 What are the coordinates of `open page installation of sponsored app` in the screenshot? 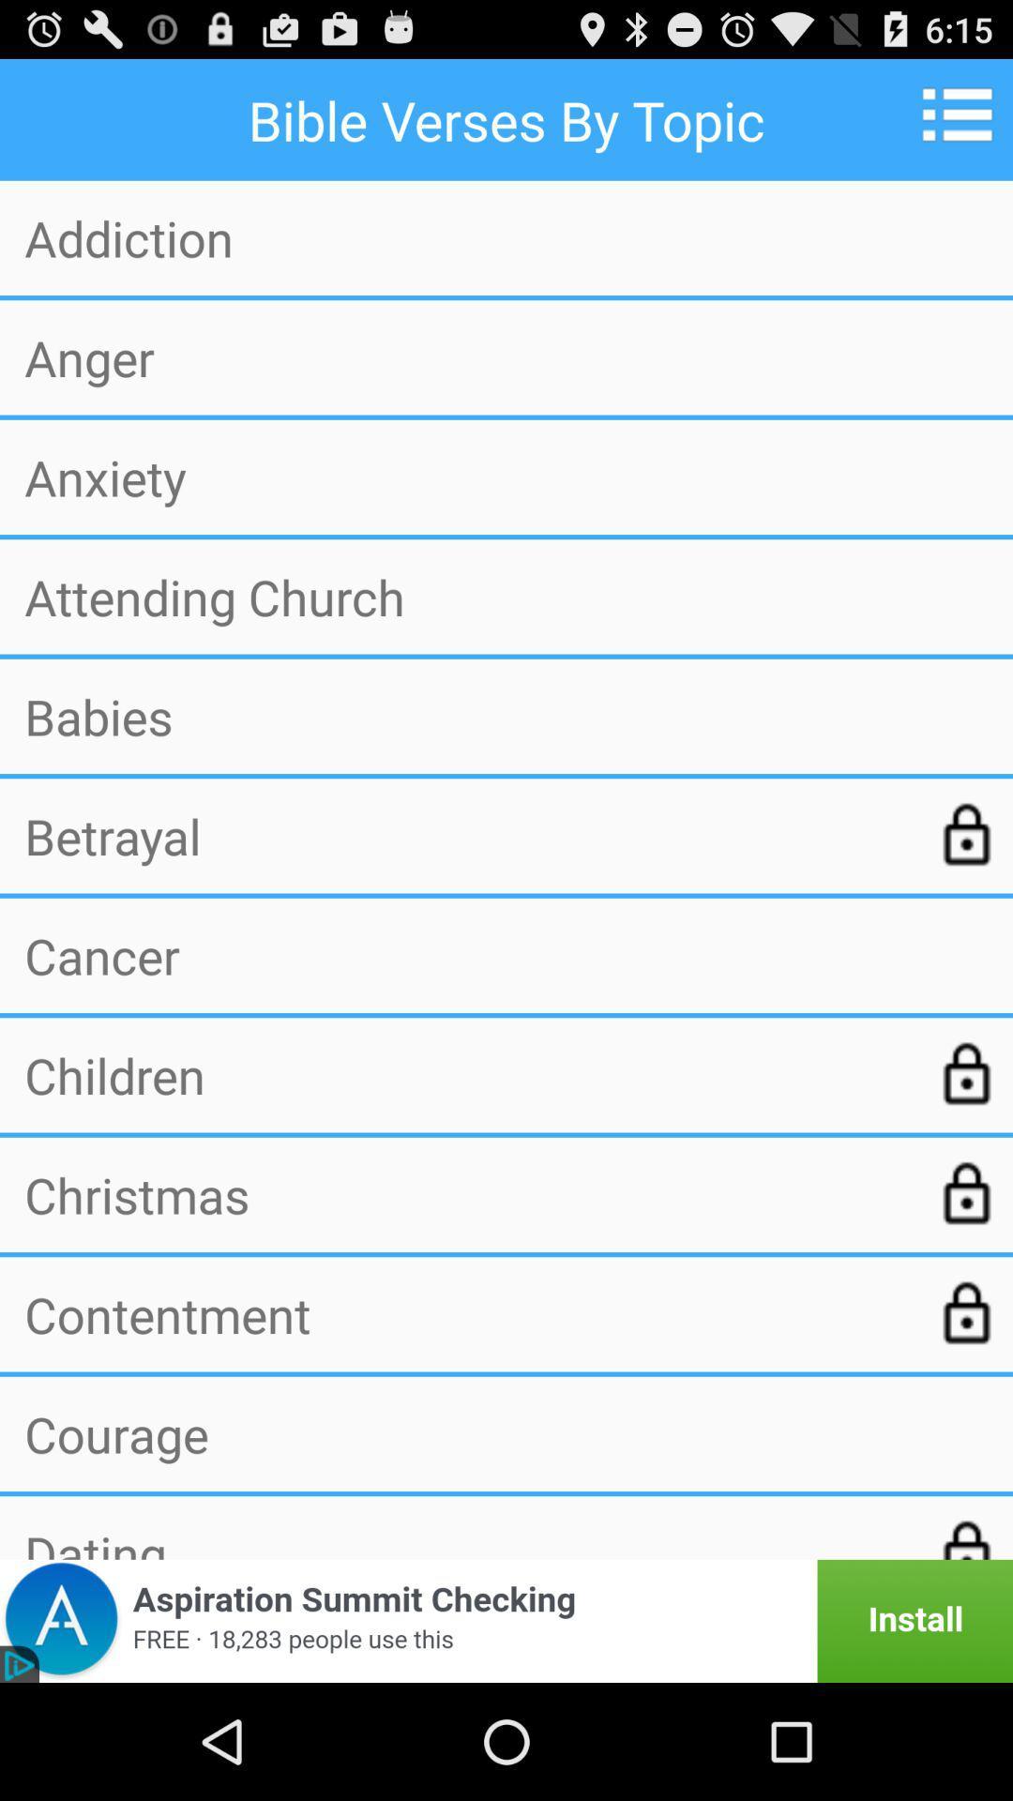 It's located at (506, 1620).